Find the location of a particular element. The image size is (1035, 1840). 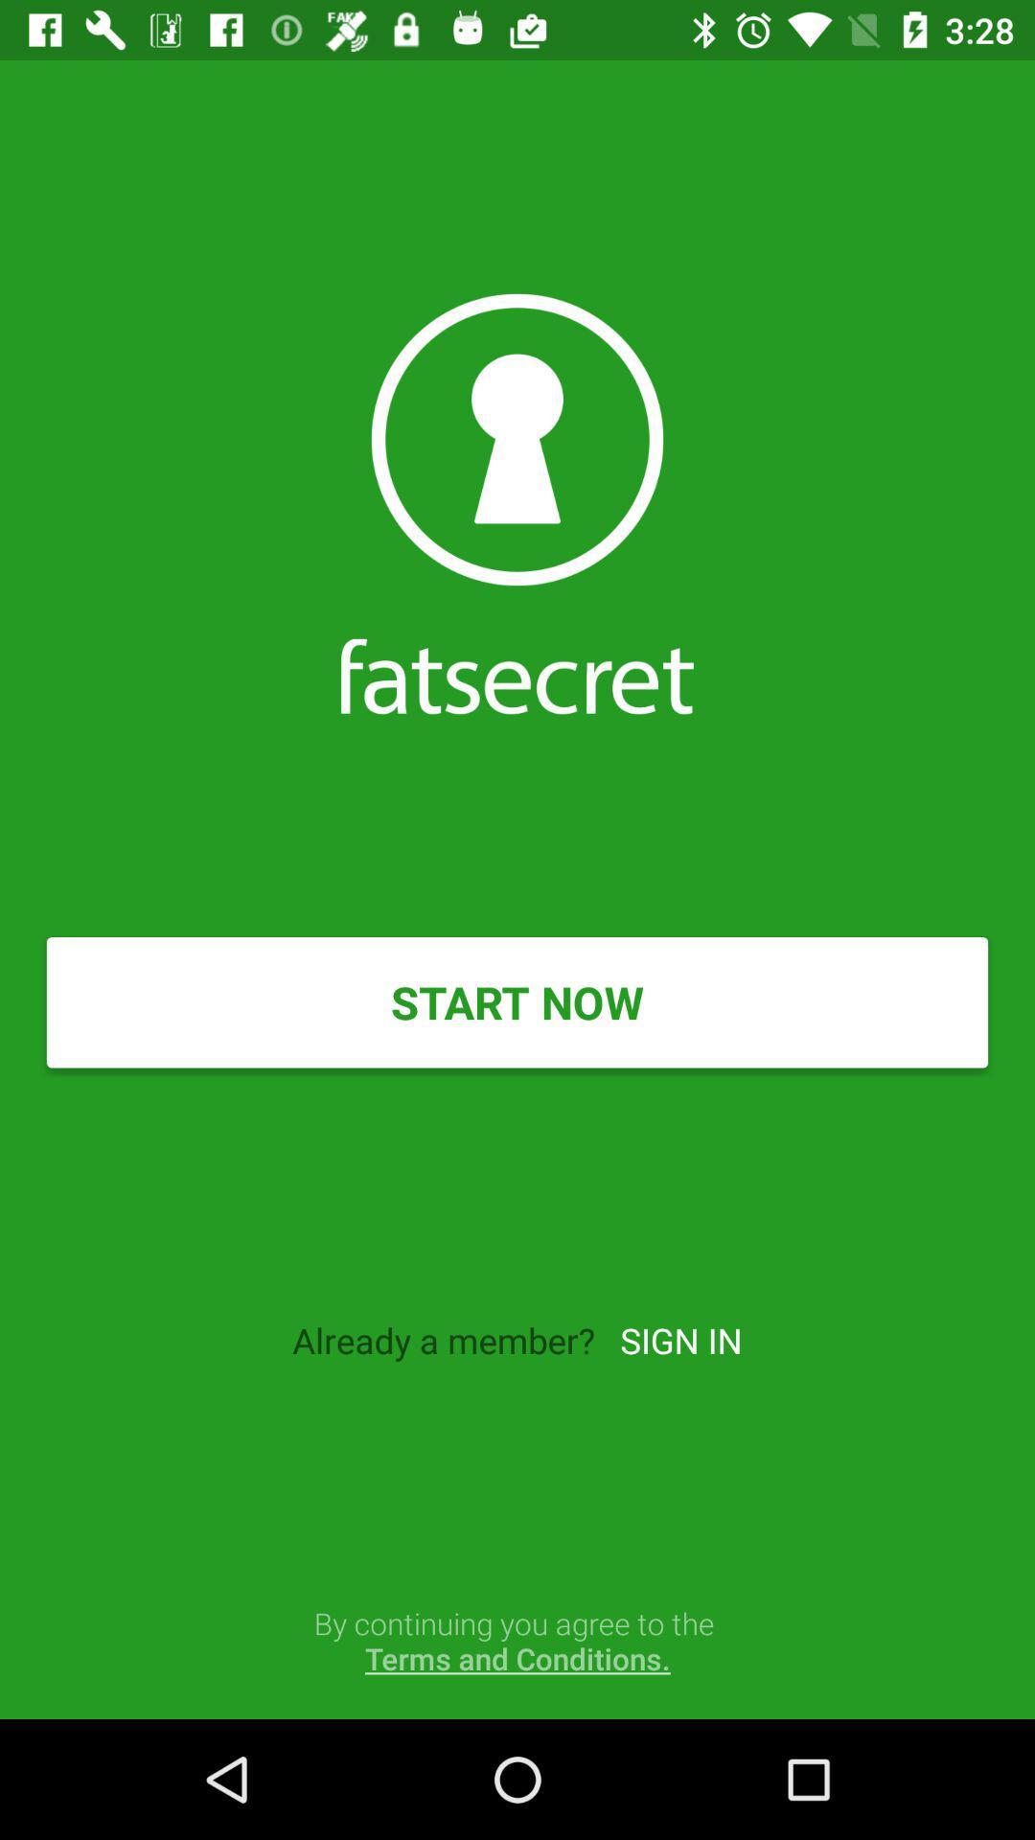

the item below already a member? icon is located at coordinates (517, 1640).